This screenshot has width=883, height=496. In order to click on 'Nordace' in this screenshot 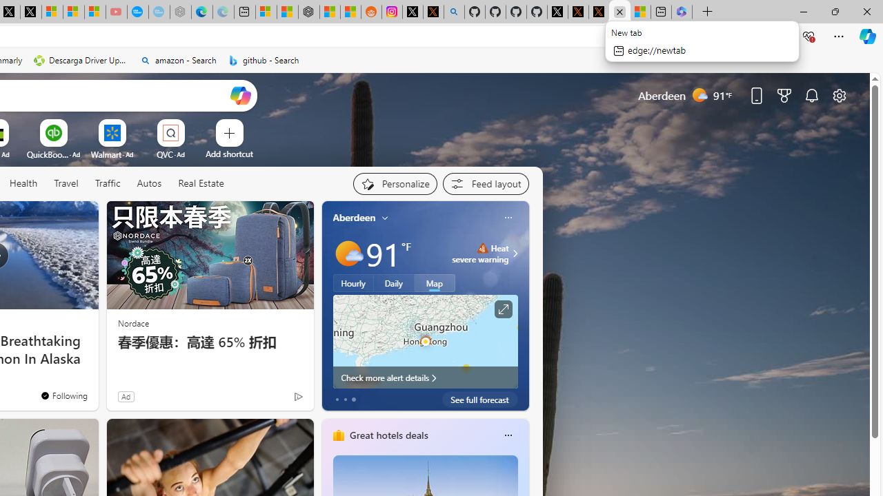, I will do `click(133, 322)`.